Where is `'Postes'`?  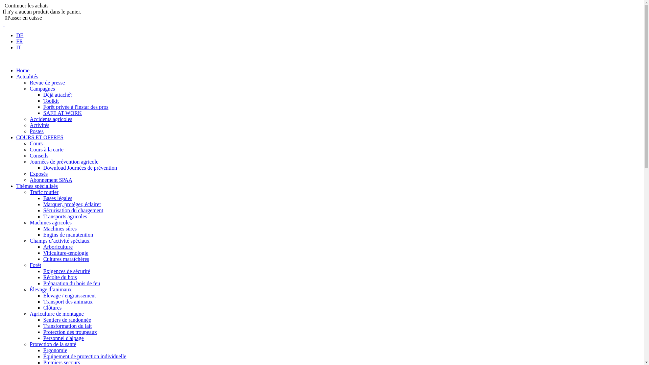 'Postes' is located at coordinates (36, 131).